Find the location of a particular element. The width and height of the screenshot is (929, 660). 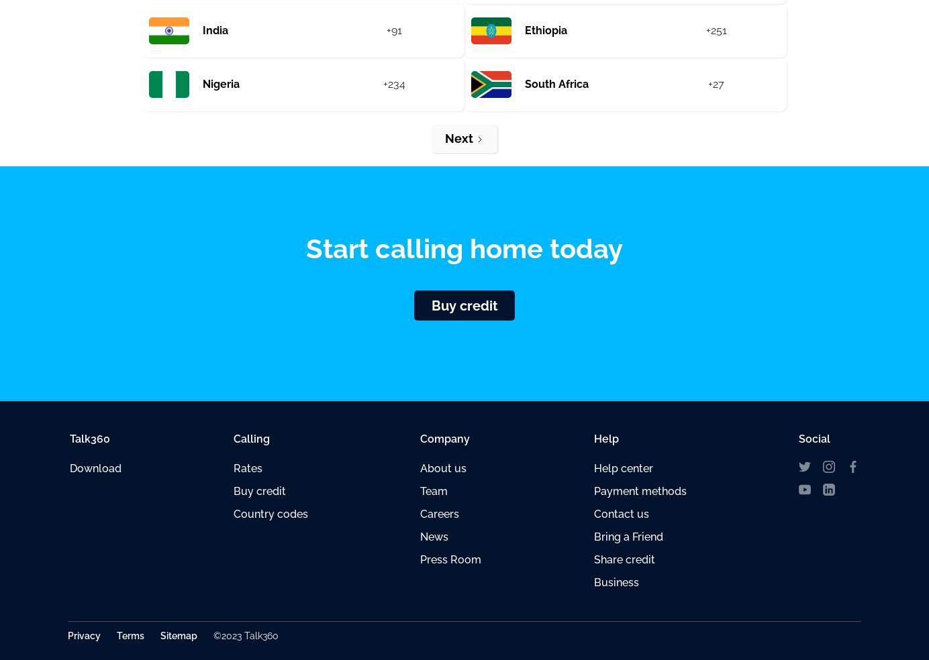

'Download' is located at coordinates (94, 468).